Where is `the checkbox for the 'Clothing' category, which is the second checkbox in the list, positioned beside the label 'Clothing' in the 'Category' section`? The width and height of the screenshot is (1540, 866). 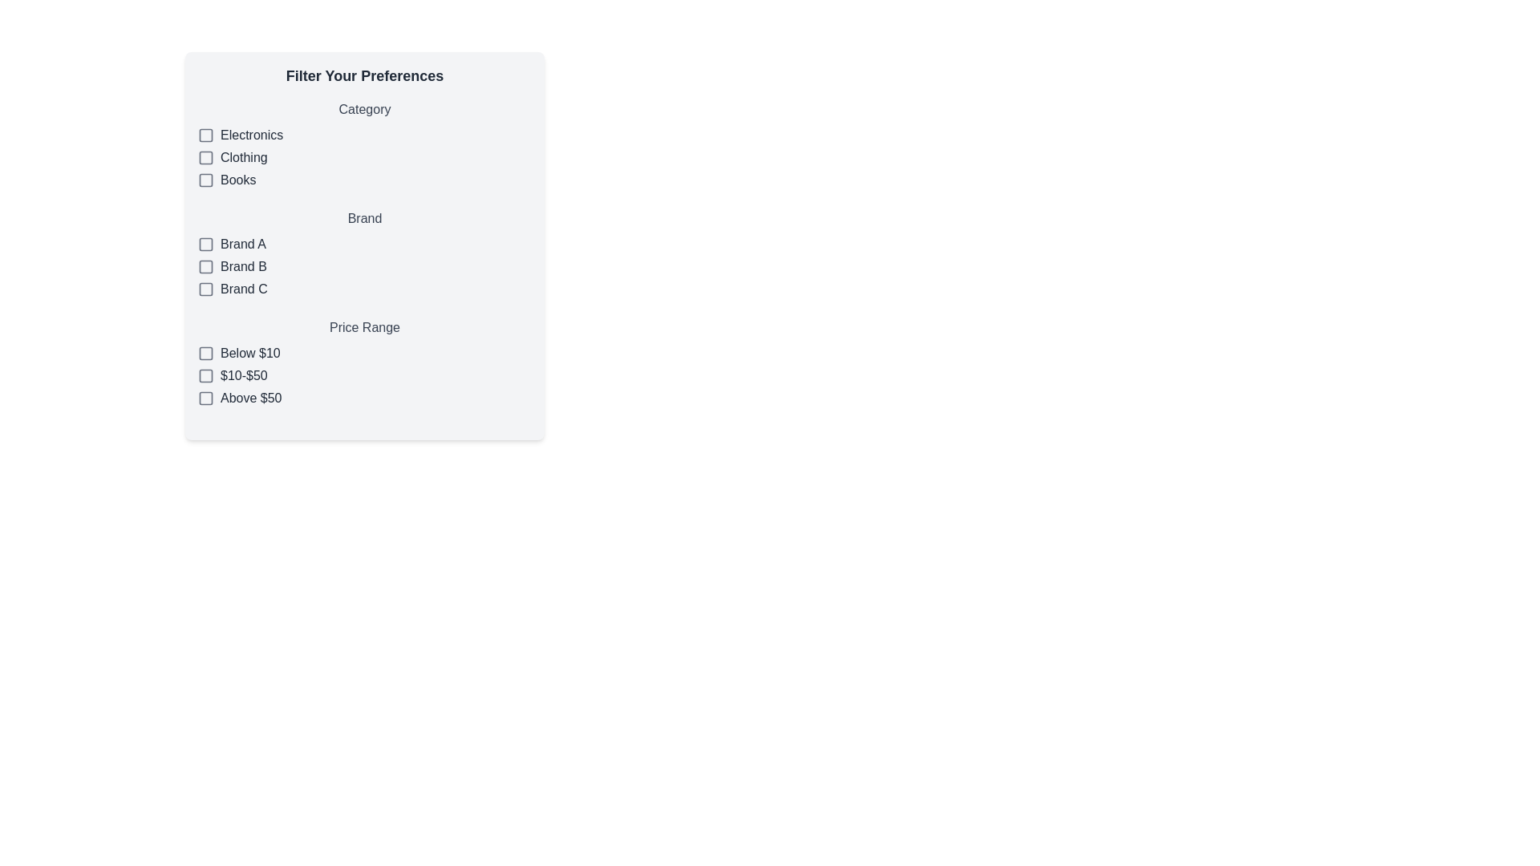 the checkbox for the 'Clothing' category, which is the second checkbox in the list, positioned beside the label 'Clothing' in the 'Category' section is located at coordinates (205, 157).